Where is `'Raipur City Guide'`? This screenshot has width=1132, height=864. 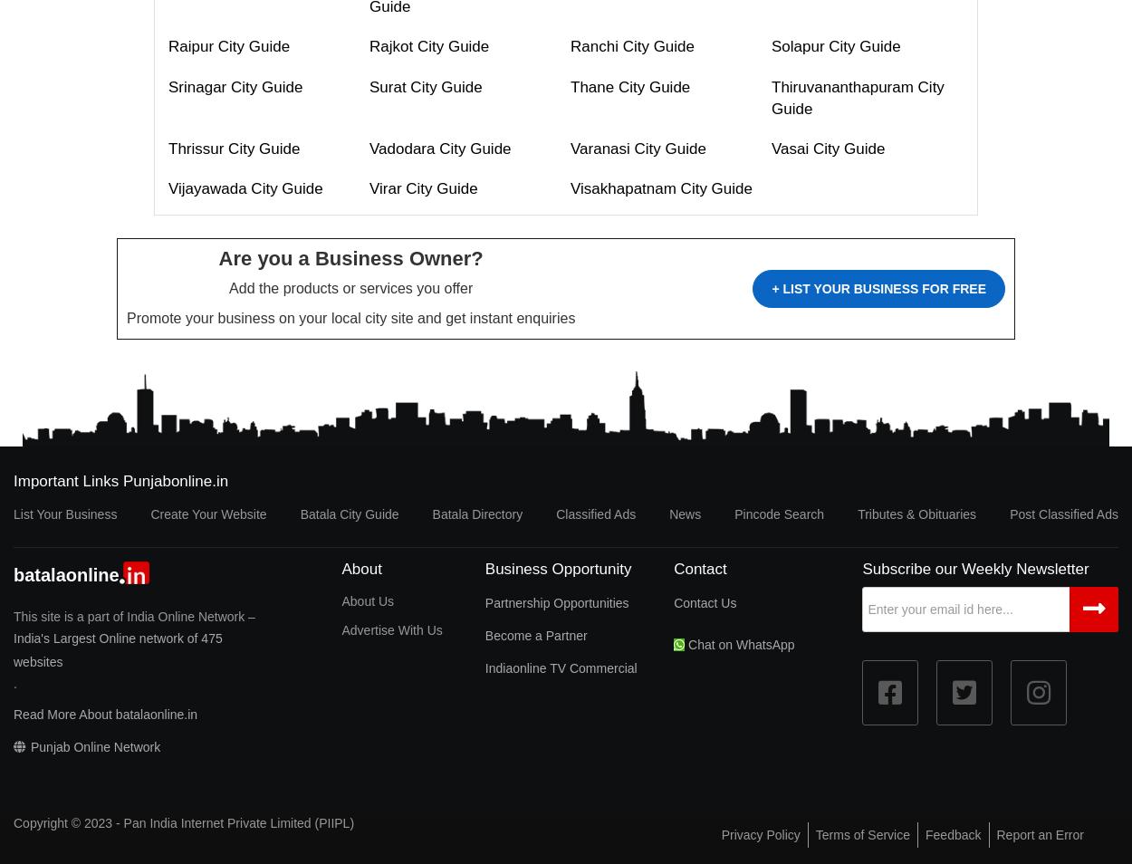
'Raipur City Guide' is located at coordinates (229, 45).